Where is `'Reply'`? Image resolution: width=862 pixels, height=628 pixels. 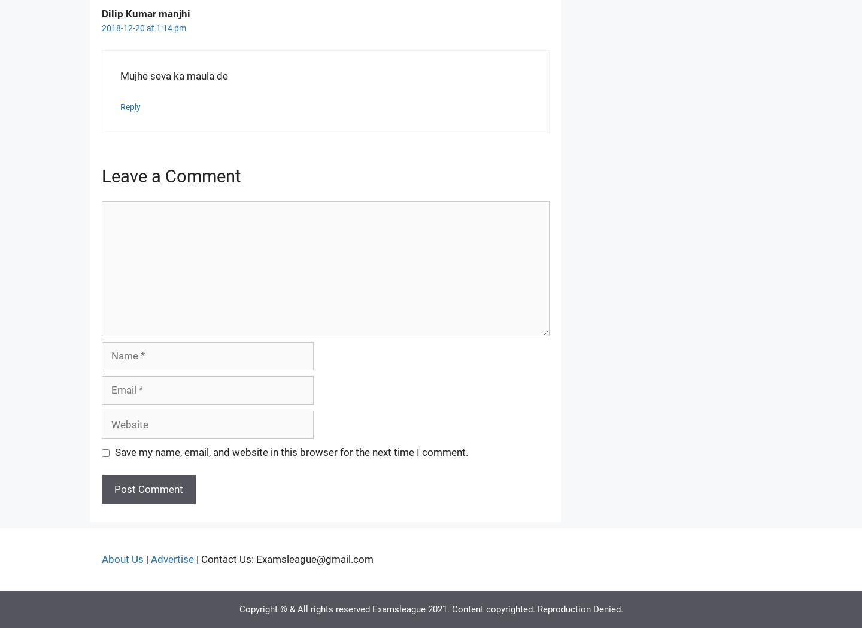
'Reply' is located at coordinates (130, 107).